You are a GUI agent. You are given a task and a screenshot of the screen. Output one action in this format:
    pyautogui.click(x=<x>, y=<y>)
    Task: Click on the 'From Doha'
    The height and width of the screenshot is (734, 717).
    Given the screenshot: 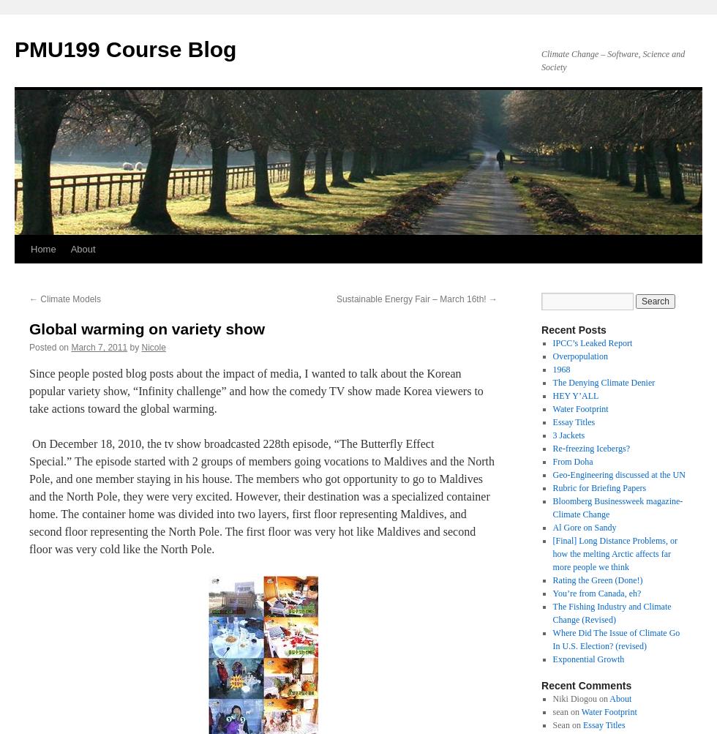 What is the action you would take?
    pyautogui.click(x=572, y=461)
    